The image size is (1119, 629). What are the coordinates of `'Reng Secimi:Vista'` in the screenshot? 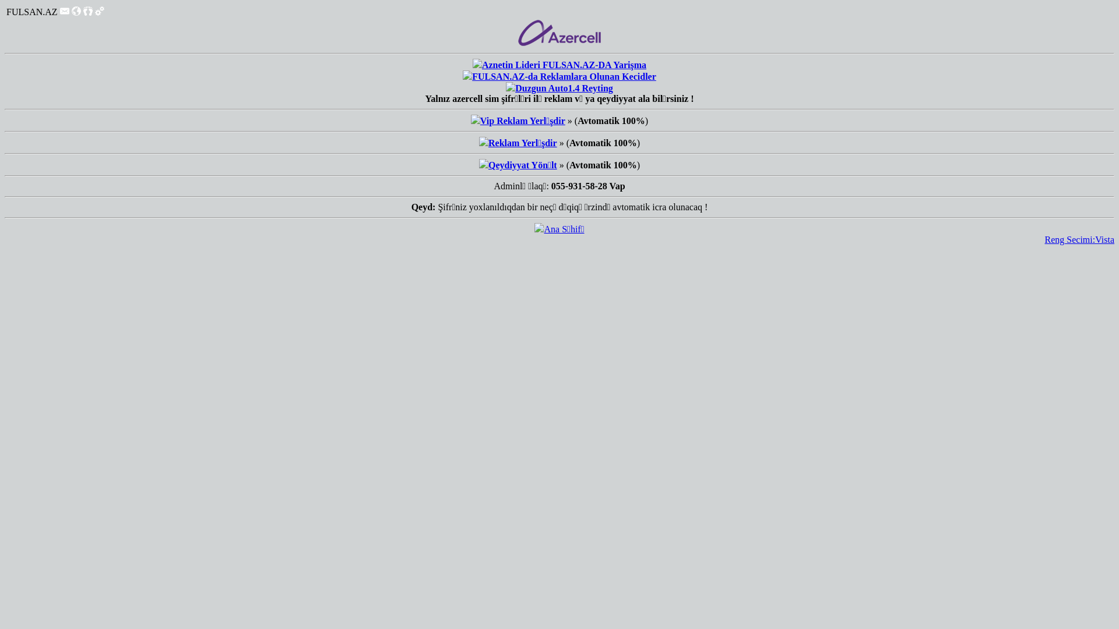 It's located at (1079, 239).